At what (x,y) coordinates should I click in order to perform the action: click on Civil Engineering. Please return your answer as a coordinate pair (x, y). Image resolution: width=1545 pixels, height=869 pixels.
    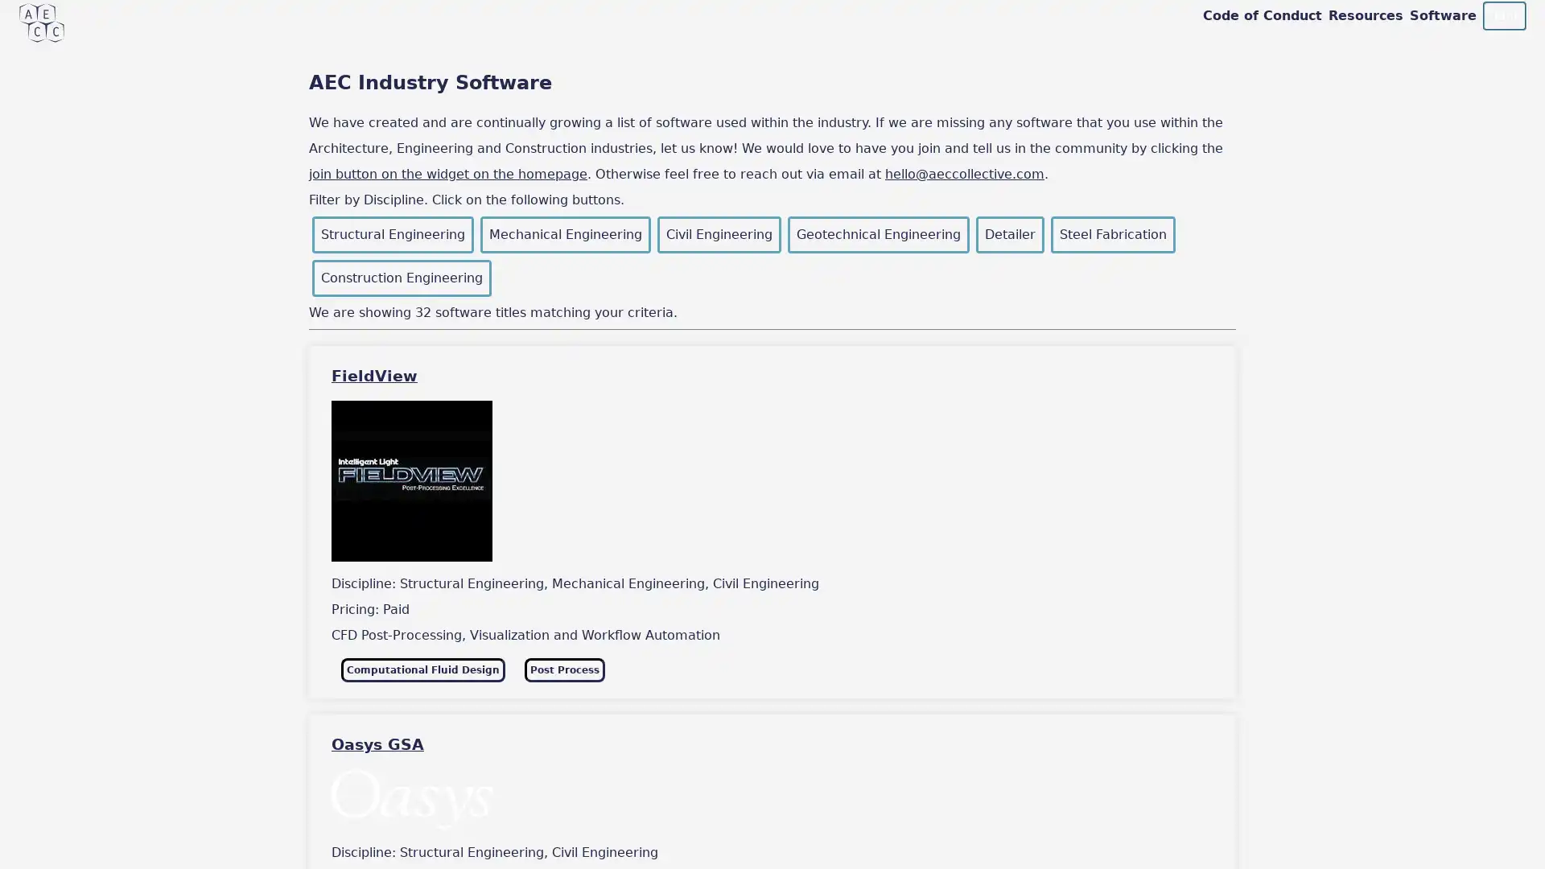
    Looking at the image, I should click on (718, 235).